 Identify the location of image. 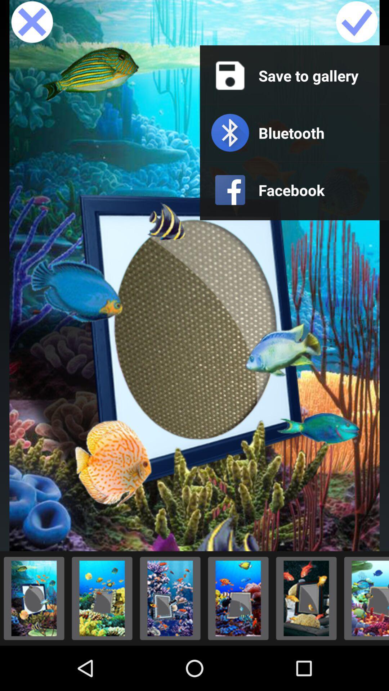
(357, 22).